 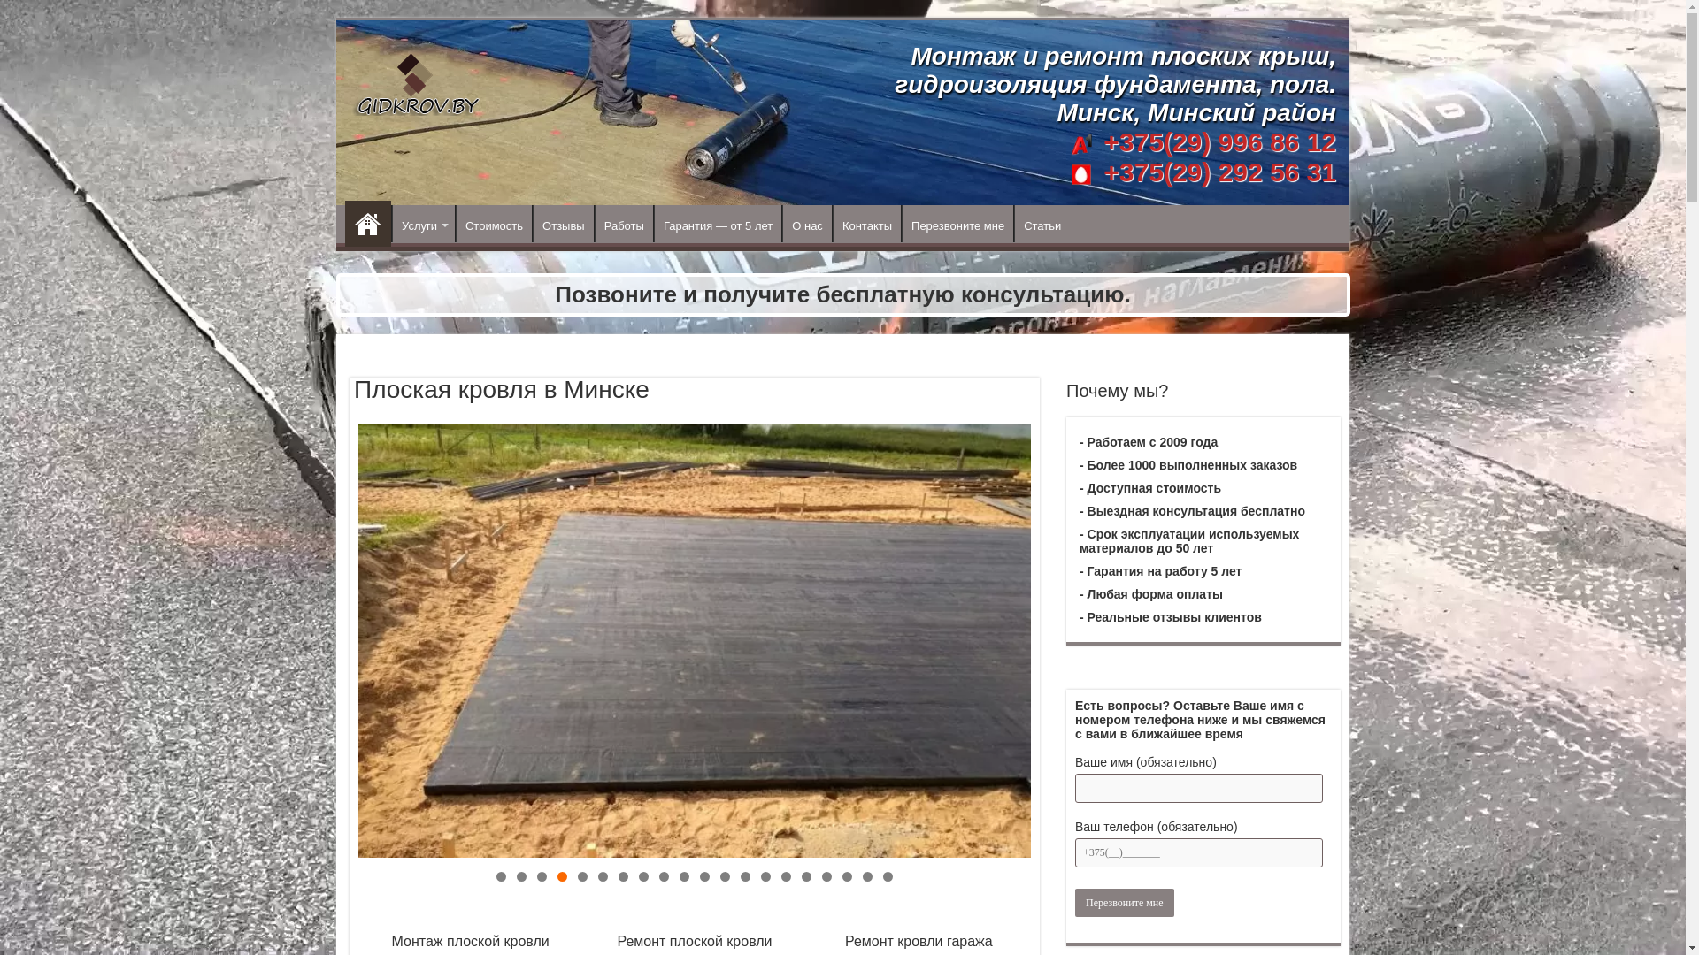 What do you see at coordinates (1215, 172) in the screenshot?
I see `'+375(29) 292 56 31'` at bounding box center [1215, 172].